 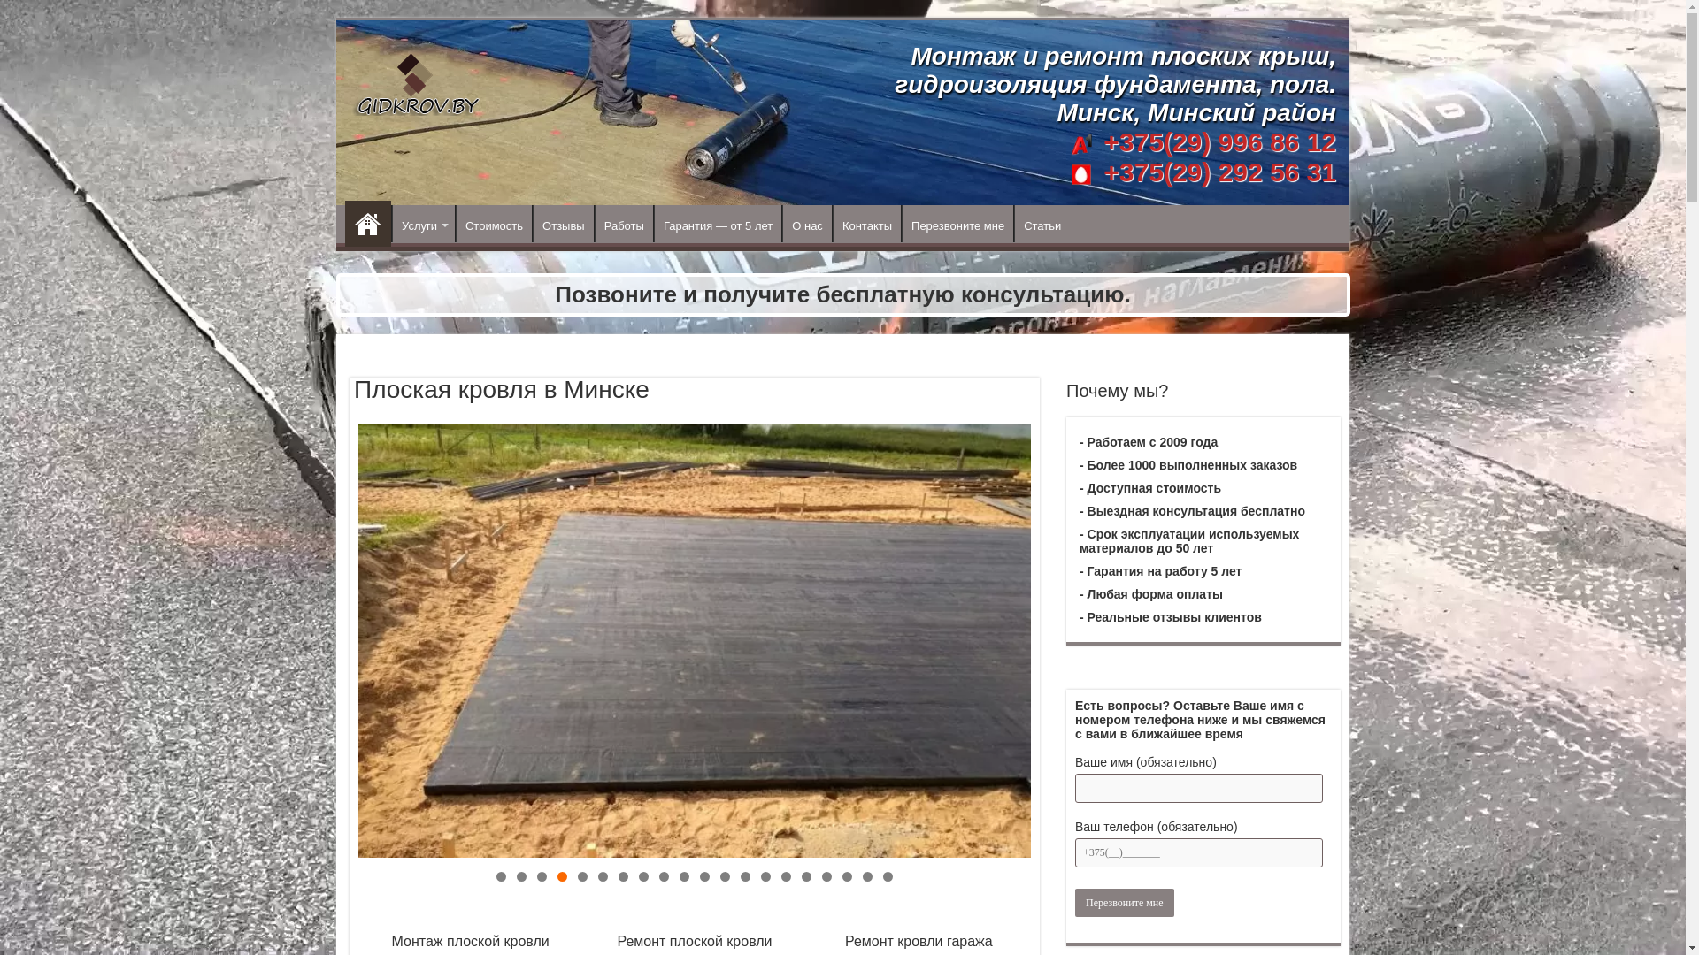 What do you see at coordinates (1215, 172) in the screenshot?
I see `'+375(29) 292 56 31'` at bounding box center [1215, 172].